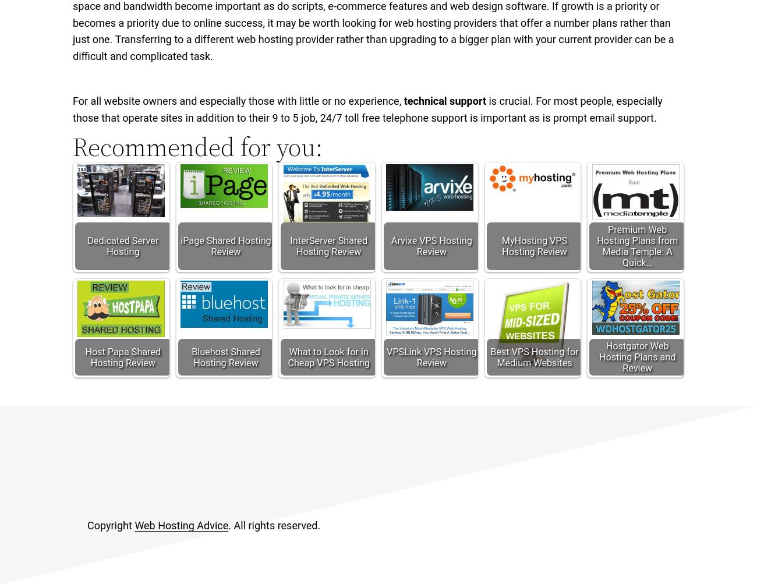 This screenshot has width=757, height=584. I want to click on 'InterServer Shared Hosting Review', so click(328, 246).